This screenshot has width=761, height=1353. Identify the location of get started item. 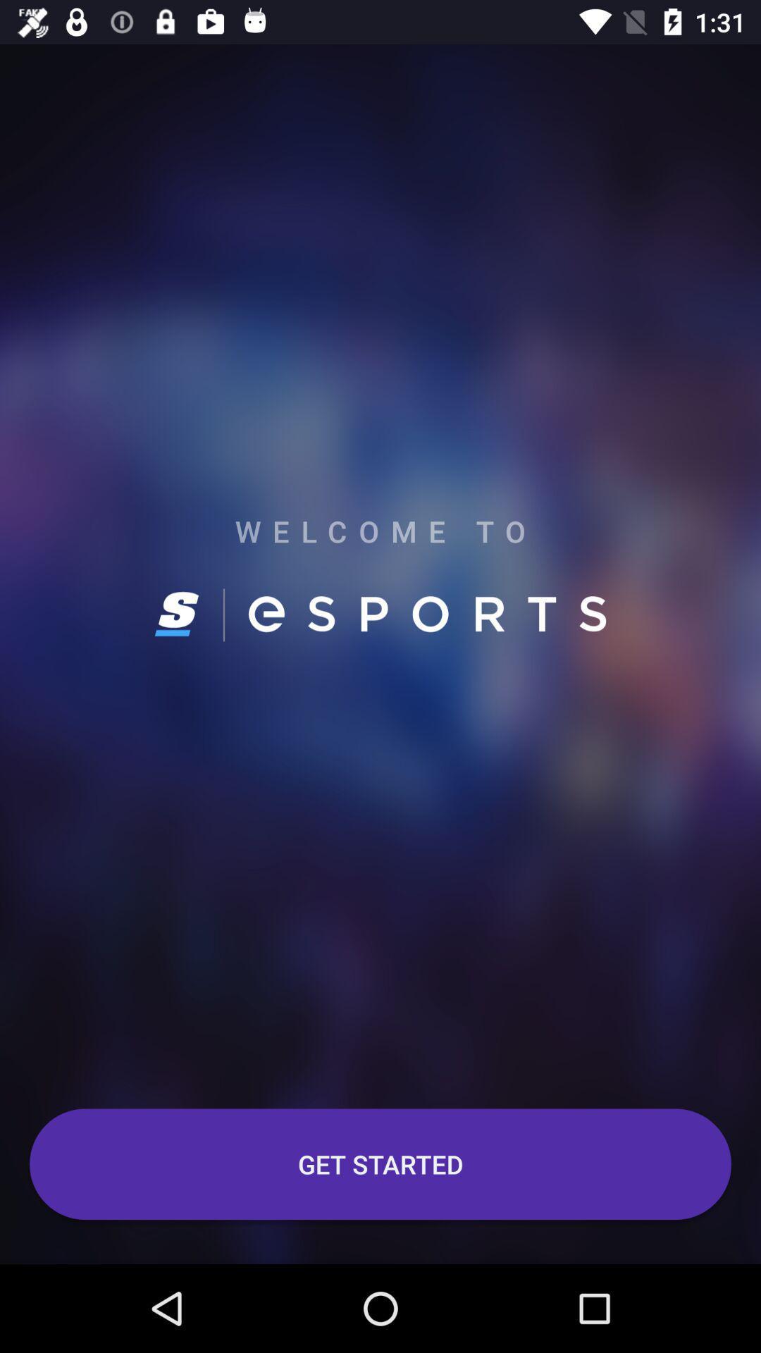
(380, 1164).